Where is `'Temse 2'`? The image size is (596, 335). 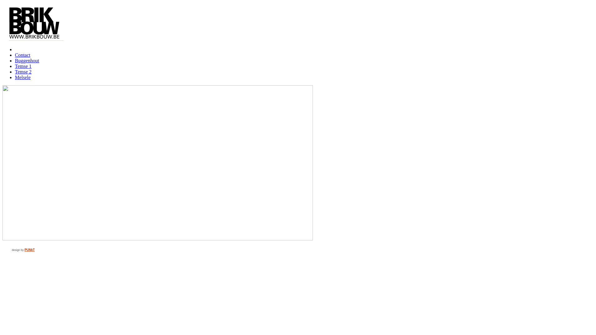
'Temse 2' is located at coordinates (23, 71).